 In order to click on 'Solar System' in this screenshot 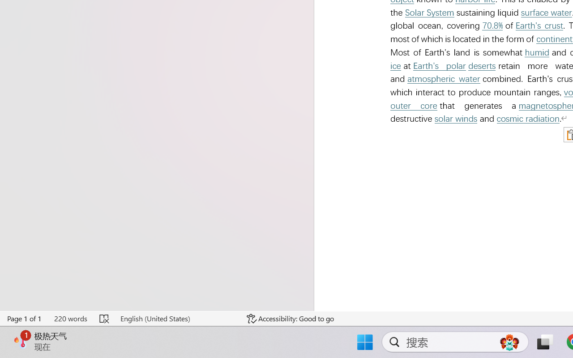, I will do `click(430, 13)`.